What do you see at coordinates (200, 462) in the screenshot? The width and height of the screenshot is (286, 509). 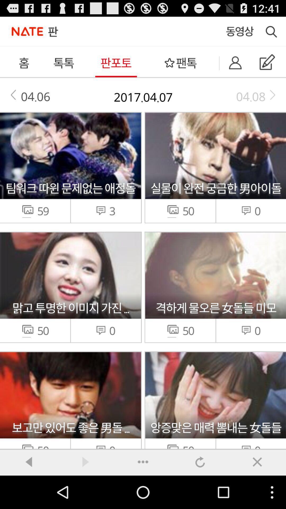 I see `tap to refresh` at bounding box center [200, 462].